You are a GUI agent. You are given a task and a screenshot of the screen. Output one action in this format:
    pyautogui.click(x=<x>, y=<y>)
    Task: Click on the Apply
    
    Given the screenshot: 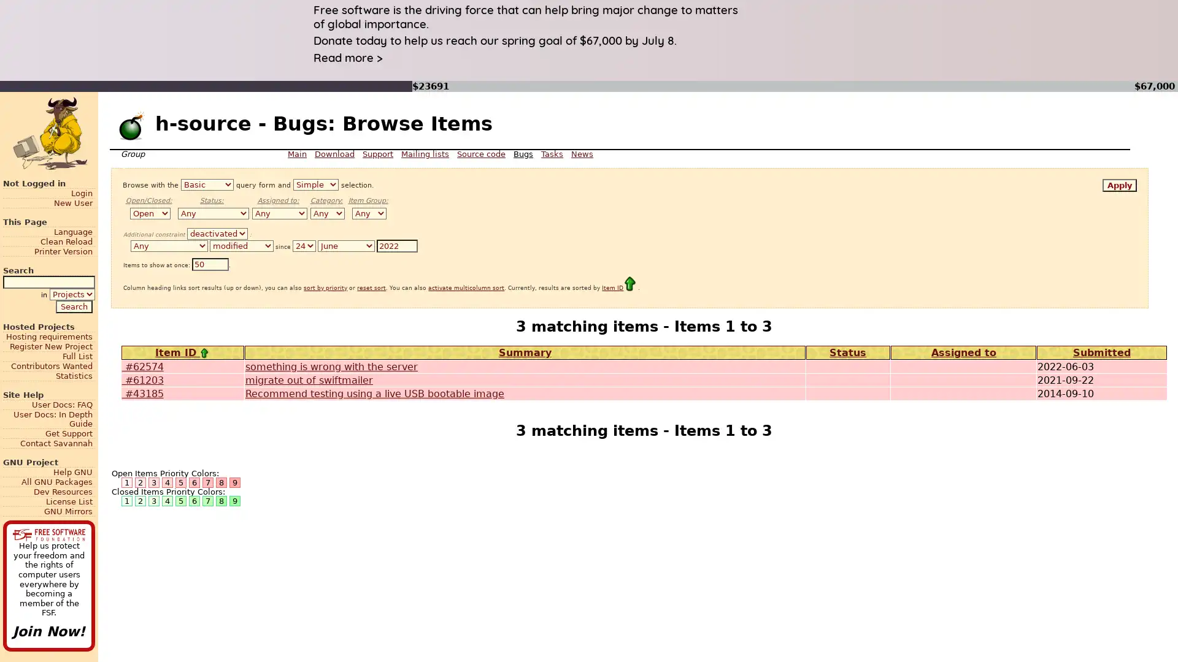 What is the action you would take?
    pyautogui.click(x=1119, y=185)
    